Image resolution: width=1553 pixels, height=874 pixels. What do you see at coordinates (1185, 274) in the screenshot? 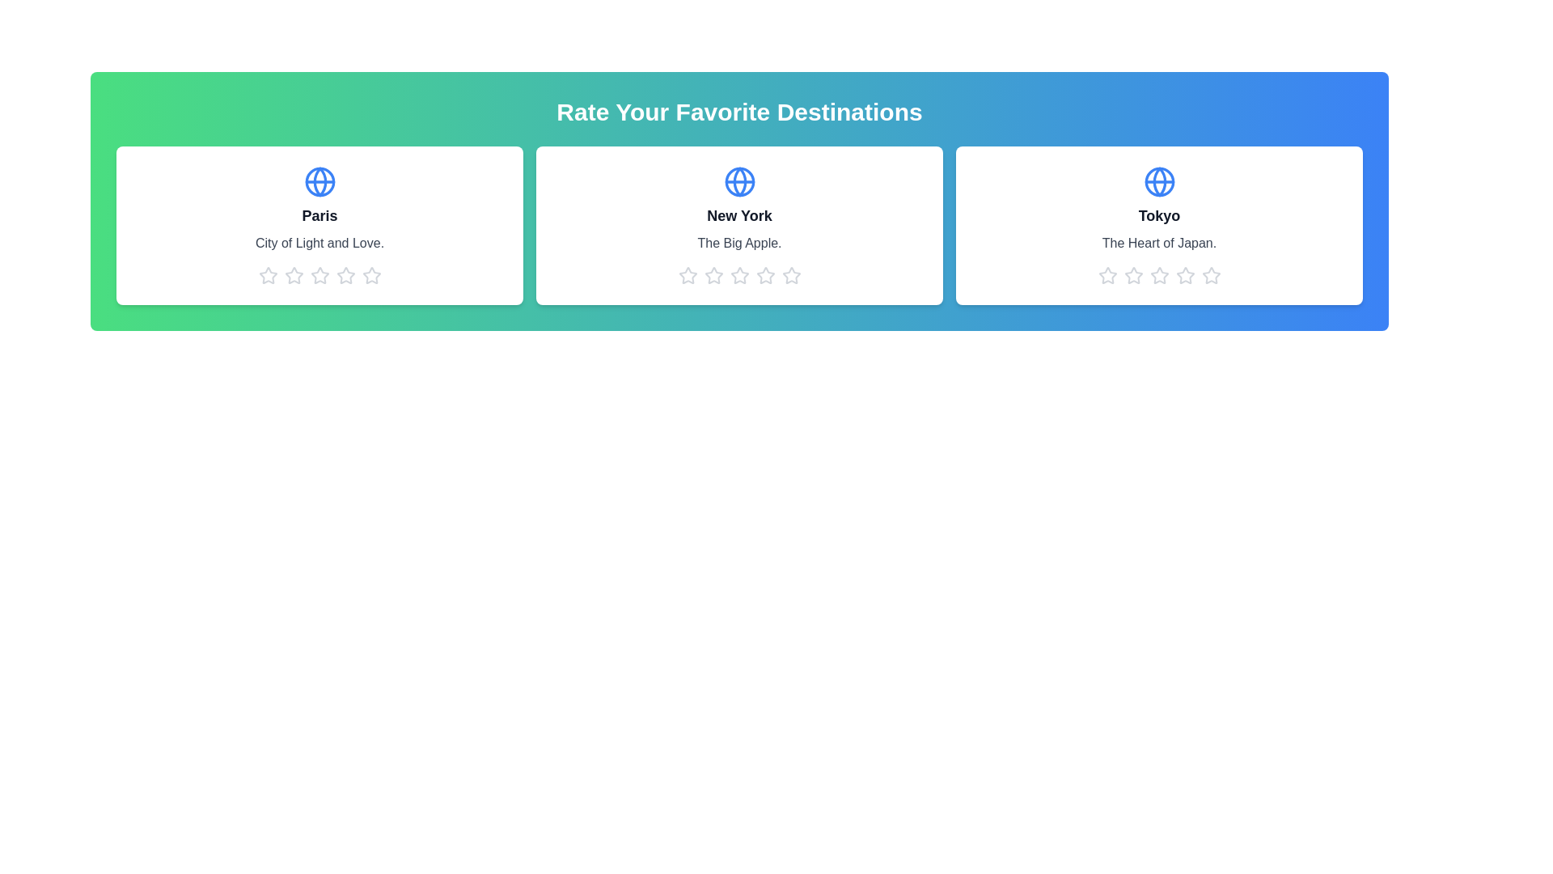
I see `the 4 star icon for the destination Tokyo` at bounding box center [1185, 274].